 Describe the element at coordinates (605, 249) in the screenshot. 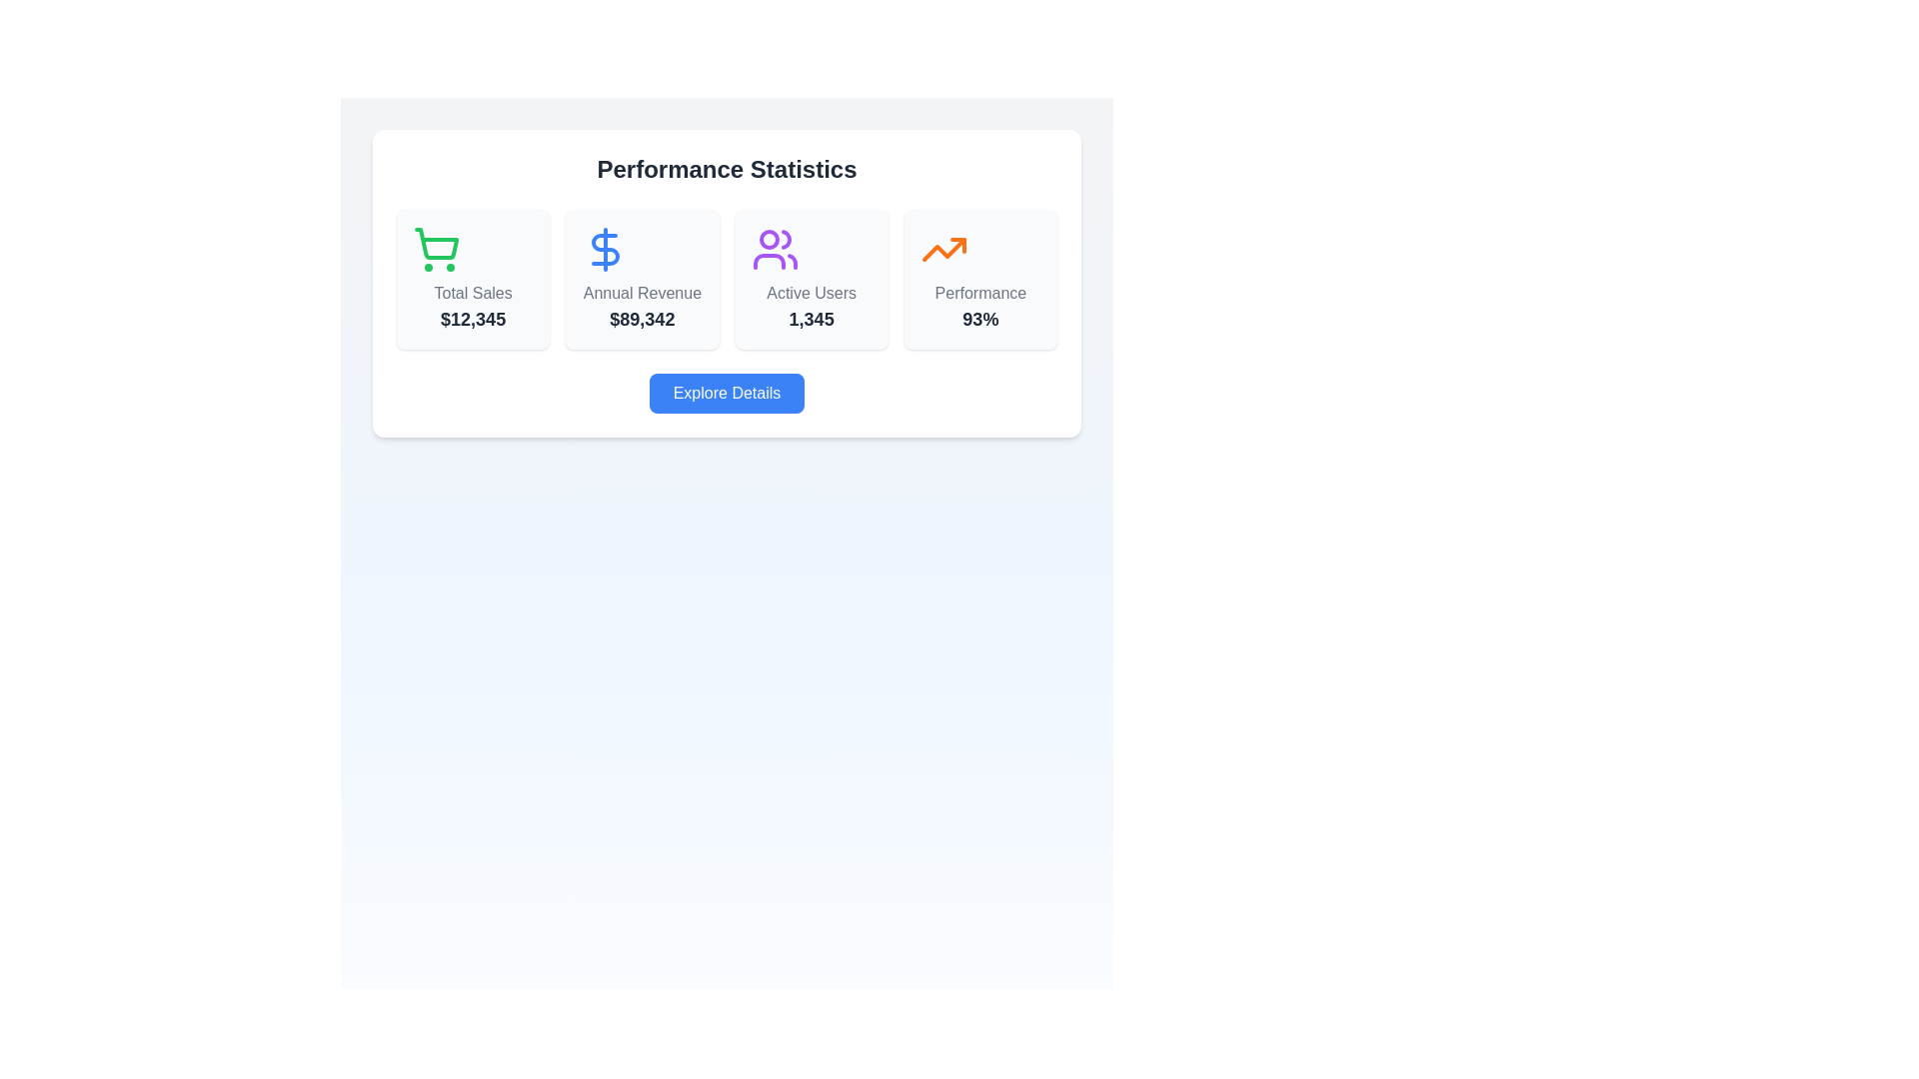

I see `the monetary revenue icon located in the 'Annual Revenue' card, which is the second card from the left in the 'Performance Statistics' section` at that location.